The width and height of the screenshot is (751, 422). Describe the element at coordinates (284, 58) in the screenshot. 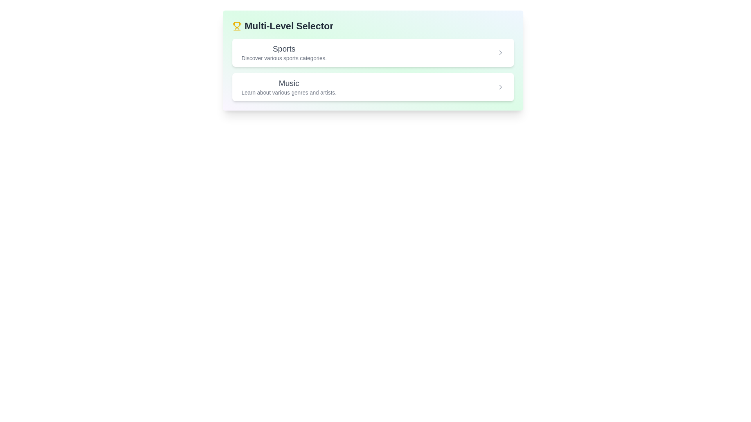

I see `the text label reading 'Discover various sports categories,' which is styled in light gray and located directly below the text 'Sports.'` at that location.